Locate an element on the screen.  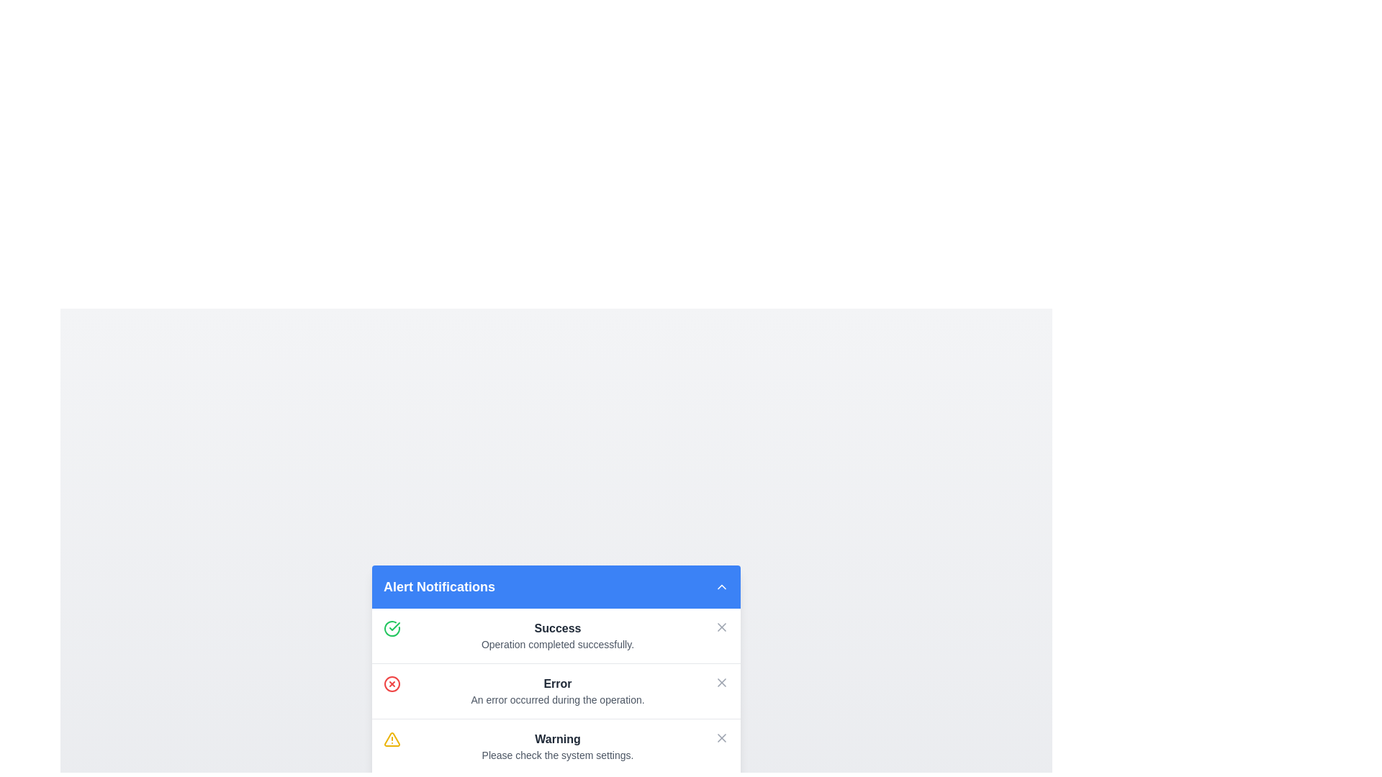
the green checkmark icon indicating a successful operation in the Success row of the Alert Notifications panel is located at coordinates (394, 625).